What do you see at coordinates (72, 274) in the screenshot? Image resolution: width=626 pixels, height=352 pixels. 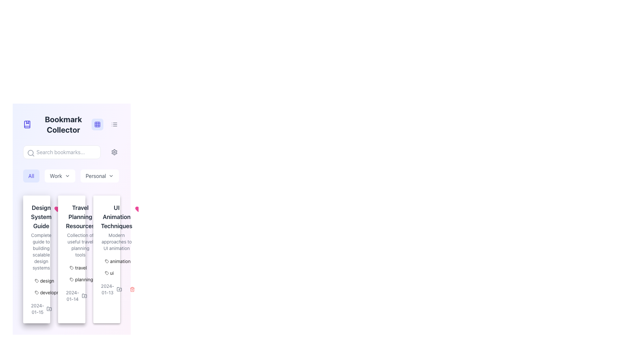 I see `the interactive icons associated with the 'travel' and 'planning' tags within the Tag list component in the 'Travel Planning Resources' card` at bounding box center [72, 274].